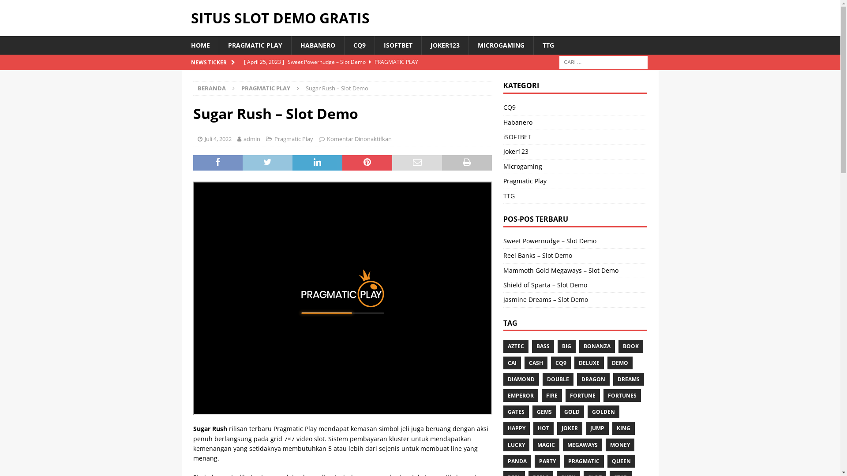  What do you see at coordinates (619, 363) in the screenshot?
I see `'DEMO'` at bounding box center [619, 363].